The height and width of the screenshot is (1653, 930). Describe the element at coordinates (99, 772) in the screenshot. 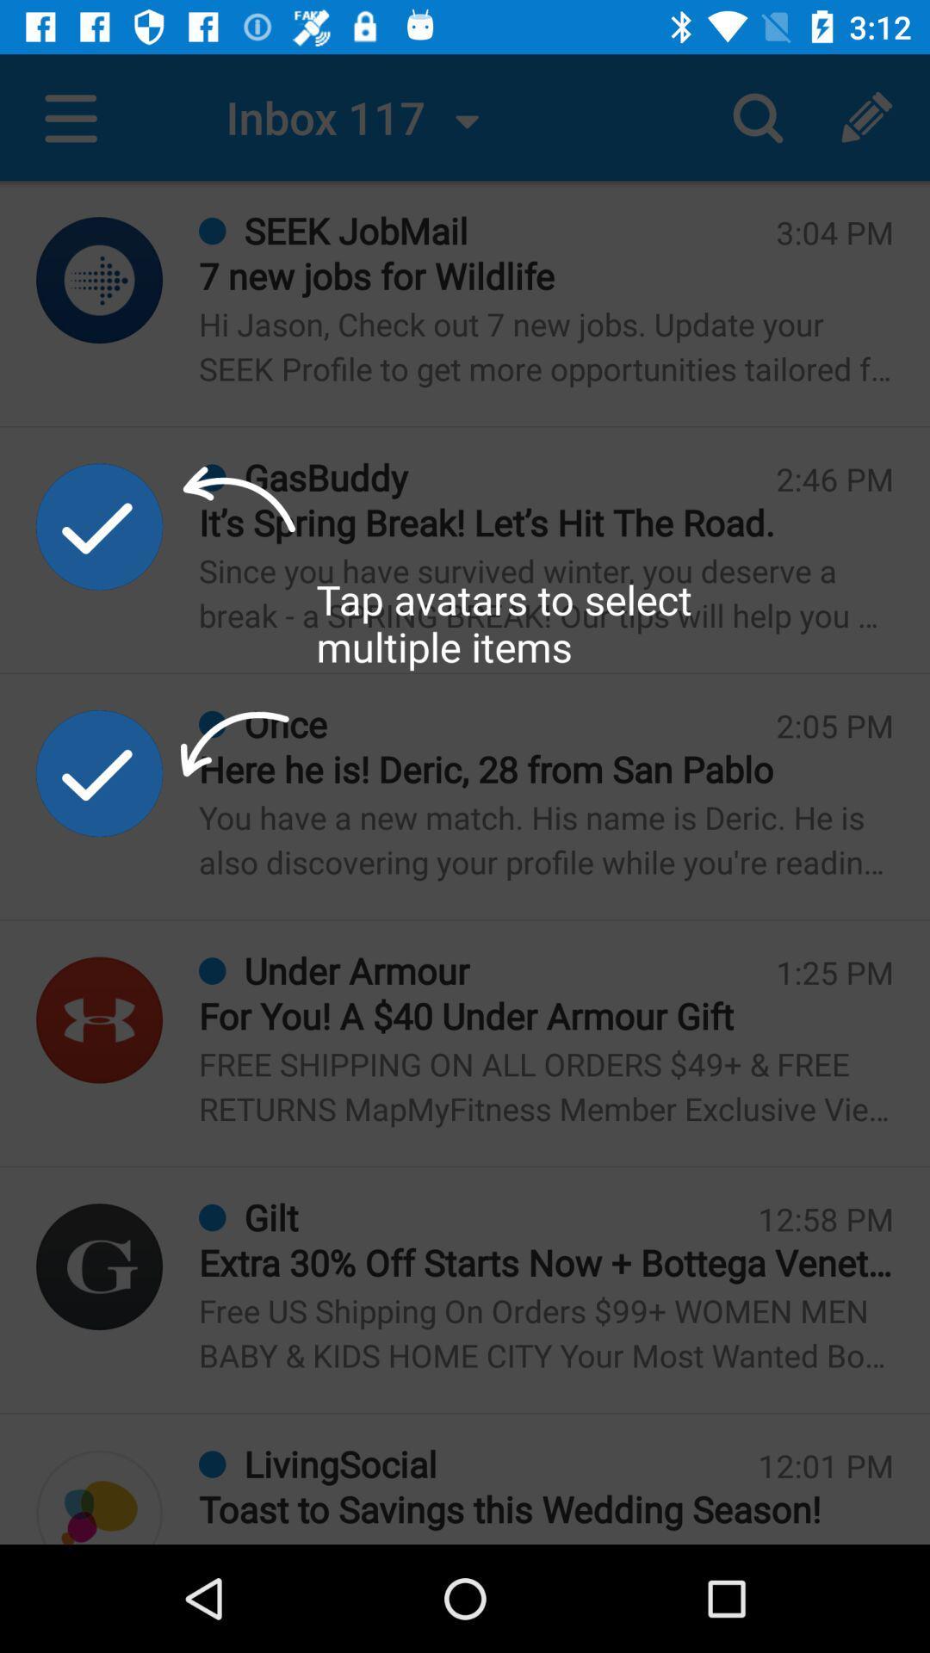

I see `the check icon` at that location.